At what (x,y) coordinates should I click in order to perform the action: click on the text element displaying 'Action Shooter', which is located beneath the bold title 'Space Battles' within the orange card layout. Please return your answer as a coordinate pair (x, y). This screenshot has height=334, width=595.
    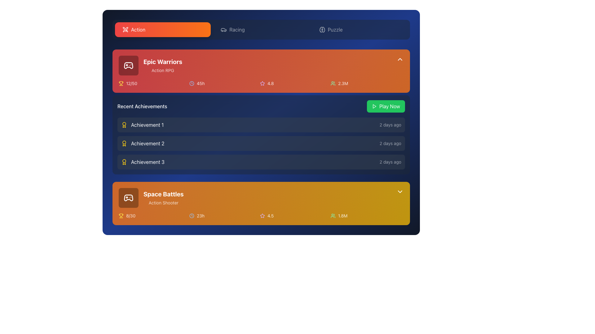
    Looking at the image, I should click on (163, 203).